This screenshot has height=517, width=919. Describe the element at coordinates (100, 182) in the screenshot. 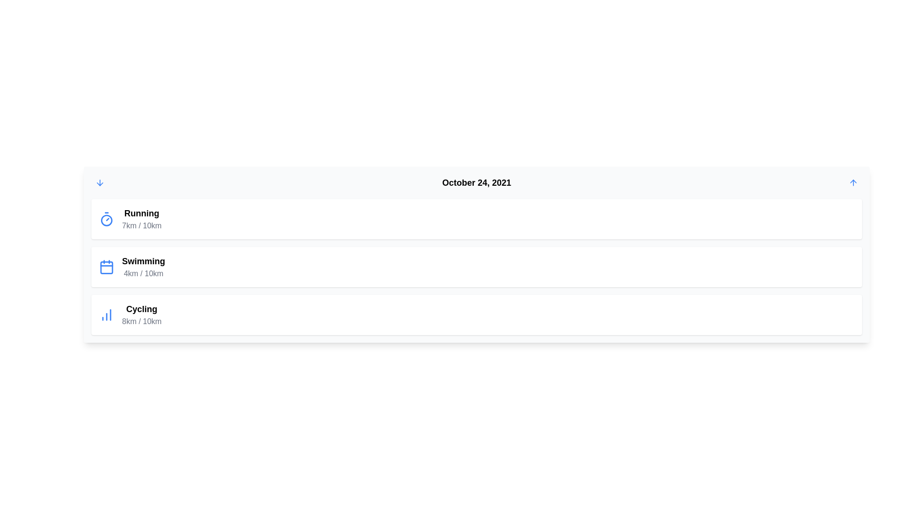

I see `the blue arrow-down icon` at that location.